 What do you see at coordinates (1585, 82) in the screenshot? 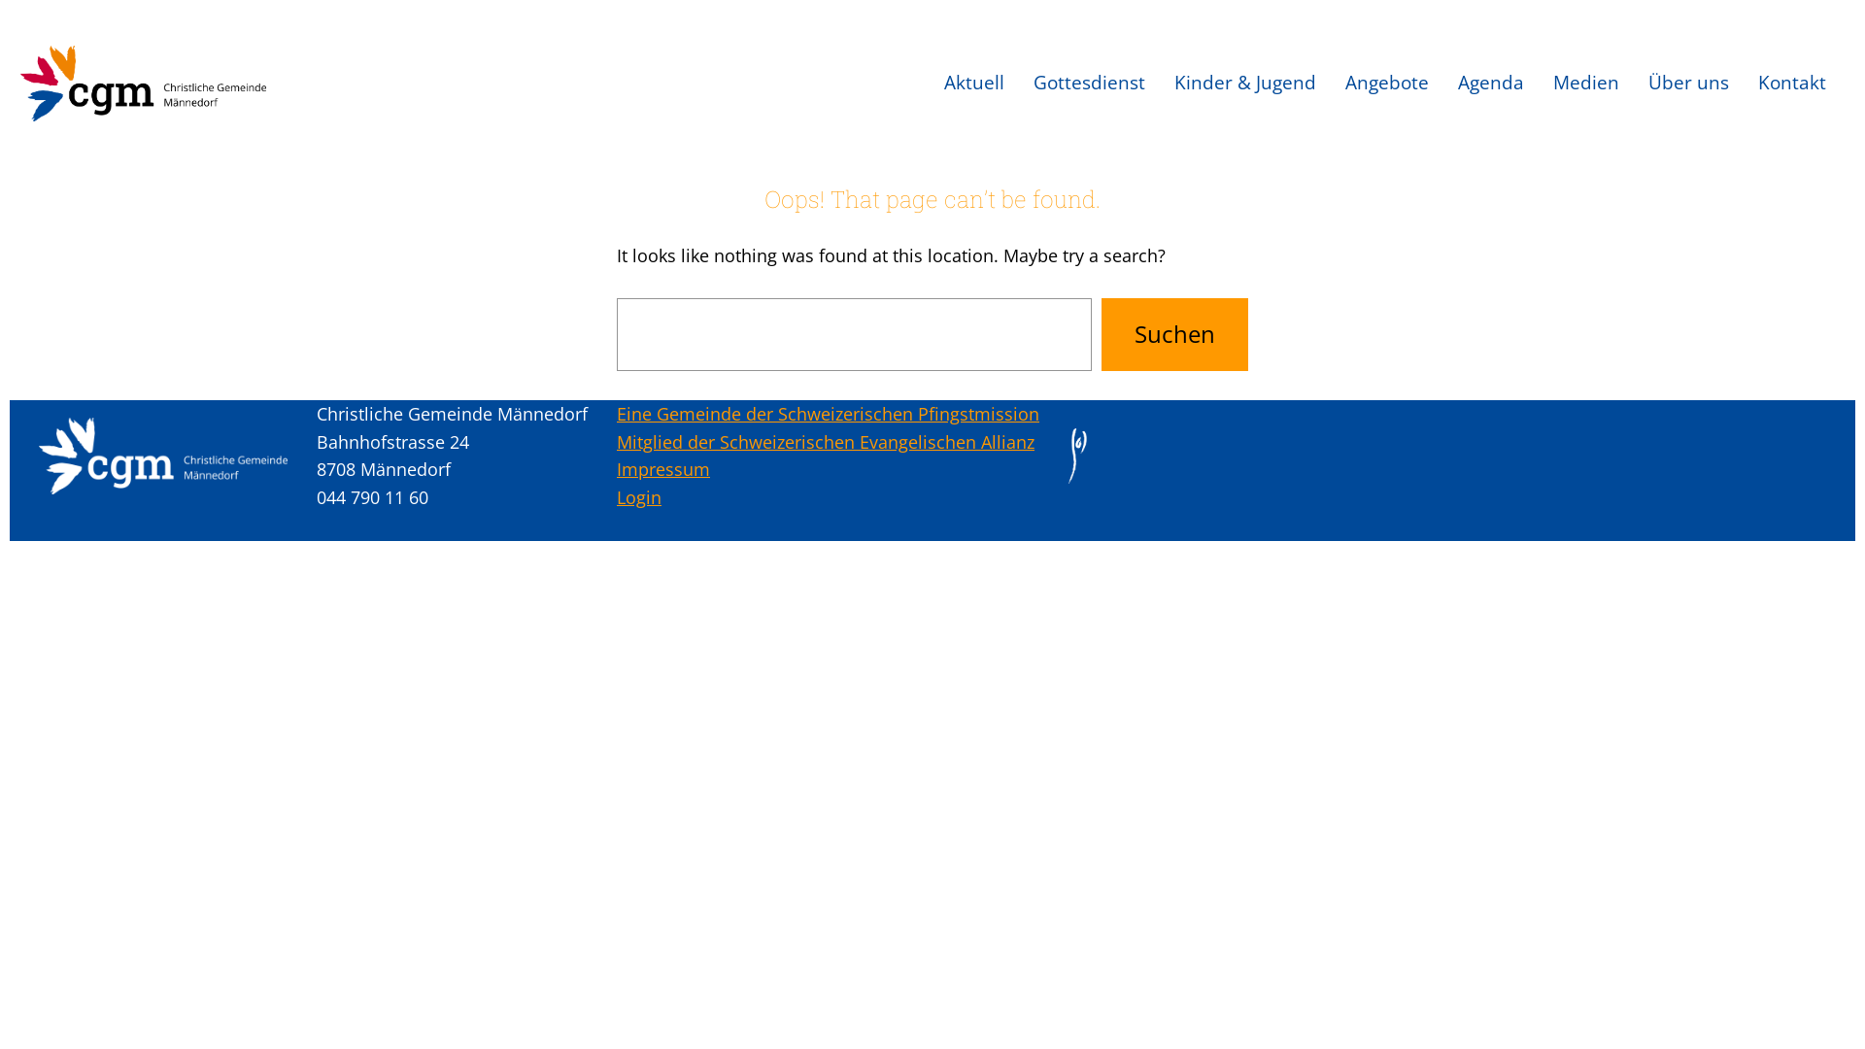
I see `'Medien'` at bounding box center [1585, 82].